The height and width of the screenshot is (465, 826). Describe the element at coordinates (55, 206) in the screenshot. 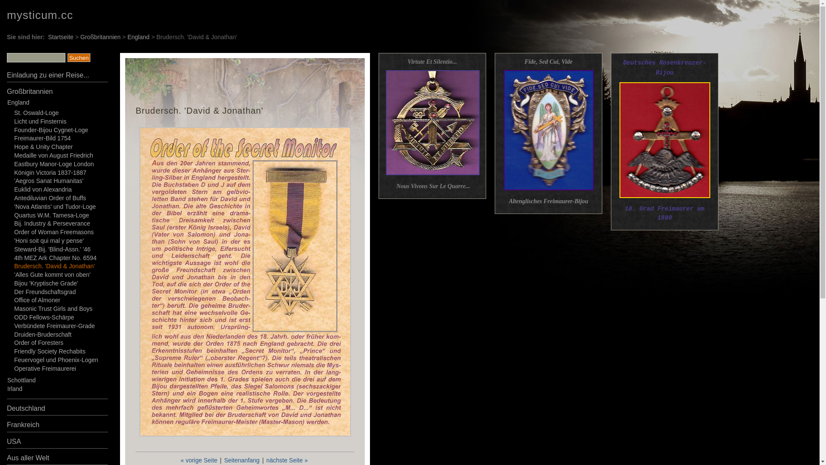

I see `''Nova Atlantis' und Tudor-Loge'` at that location.